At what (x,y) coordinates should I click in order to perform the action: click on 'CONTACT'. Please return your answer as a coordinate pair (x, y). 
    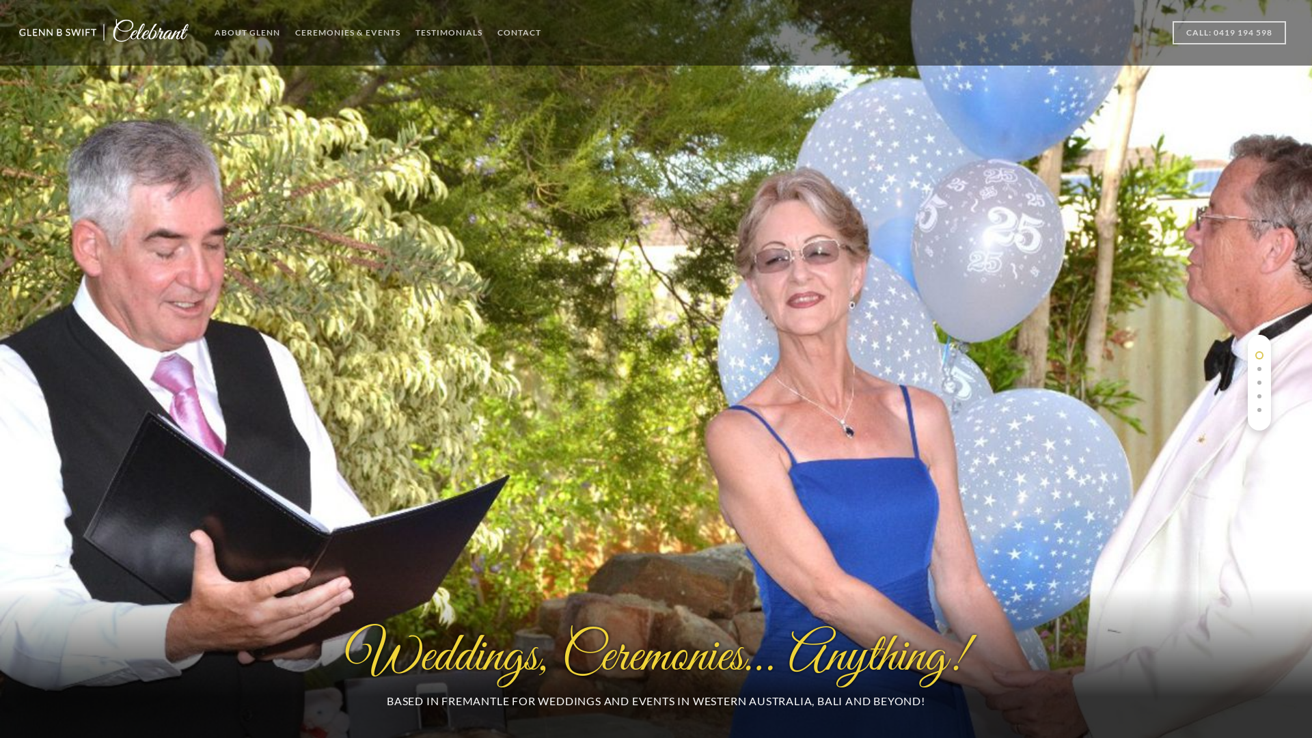
    Looking at the image, I should click on (518, 33).